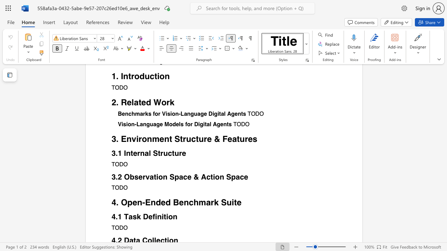  Describe the element at coordinates (155, 203) in the screenshot. I see `the subset text "ded Be" within the text "4. Open-Ended Benchmark Suite"` at that location.